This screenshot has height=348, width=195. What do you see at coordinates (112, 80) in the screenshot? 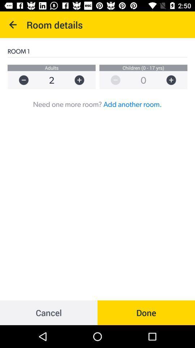
I see `decrease number of children` at bounding box center [112, 80].